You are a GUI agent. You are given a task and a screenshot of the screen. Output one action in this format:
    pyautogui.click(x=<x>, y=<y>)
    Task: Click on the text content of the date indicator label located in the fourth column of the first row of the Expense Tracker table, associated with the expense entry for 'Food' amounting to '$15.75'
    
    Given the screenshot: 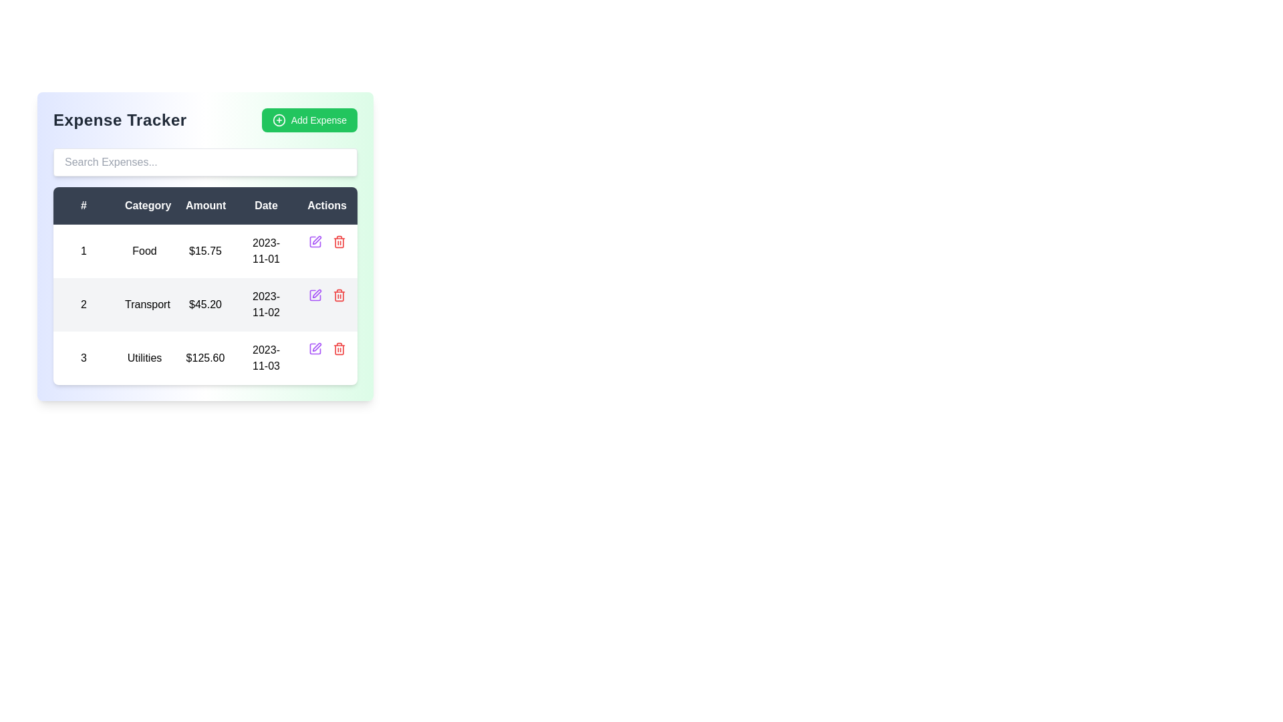 What is the action you would take?
    pyautogui.click(x=266, y=251)
    